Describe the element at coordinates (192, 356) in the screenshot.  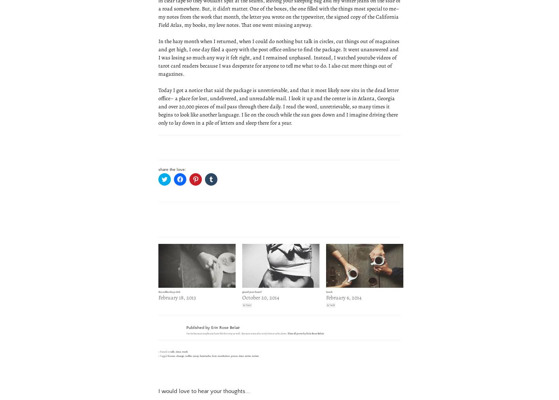
I see `'essay'` at that location.